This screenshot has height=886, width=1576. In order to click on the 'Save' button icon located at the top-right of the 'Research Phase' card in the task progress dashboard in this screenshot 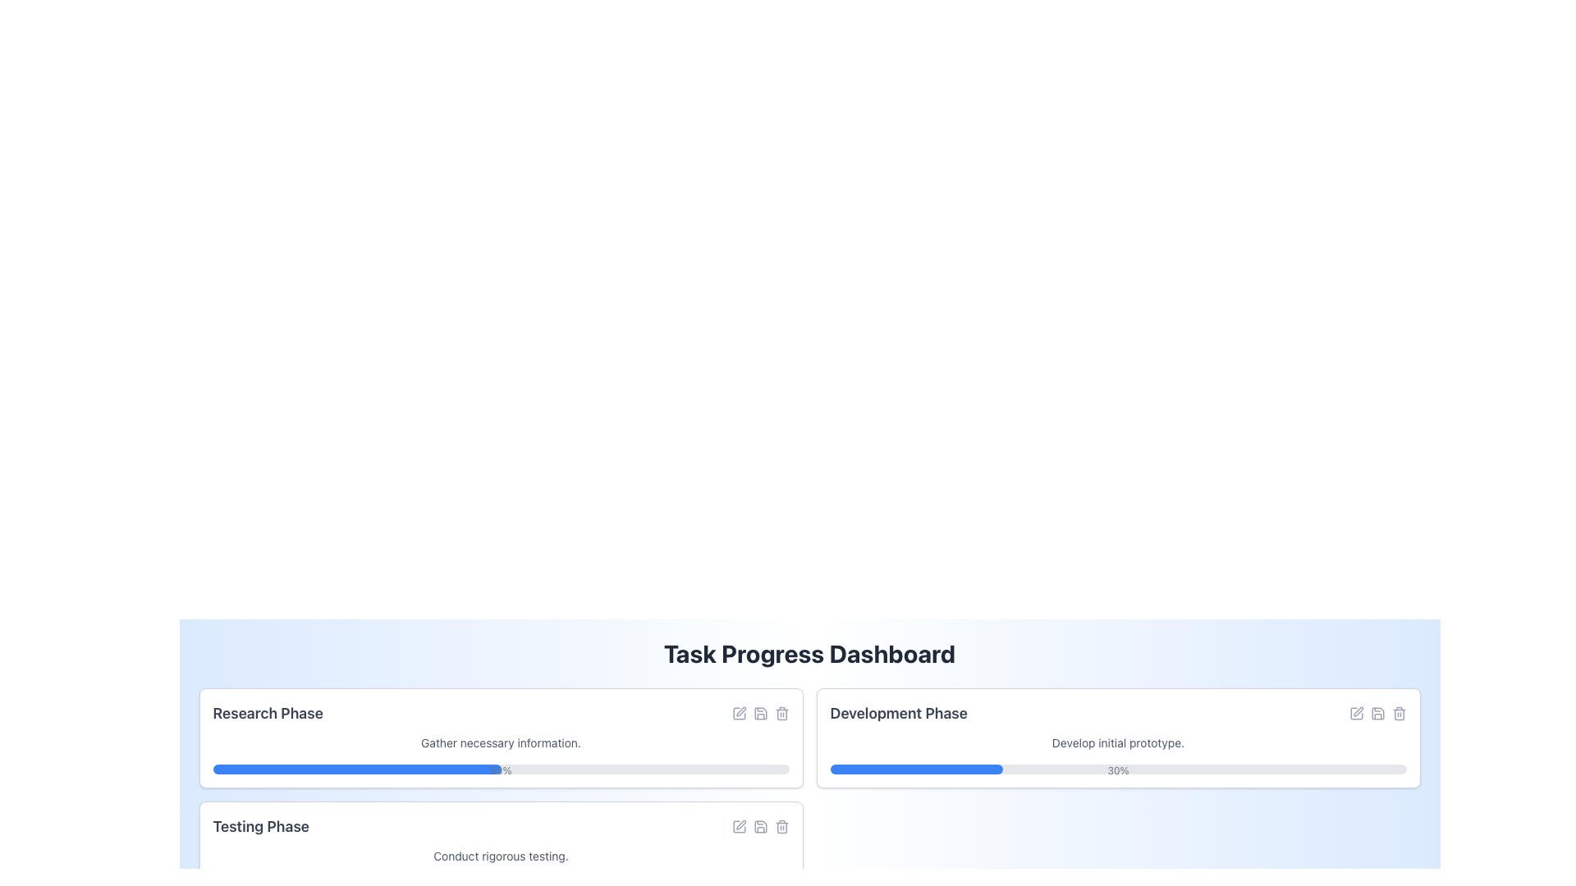, I will do `click(759, 713)`.